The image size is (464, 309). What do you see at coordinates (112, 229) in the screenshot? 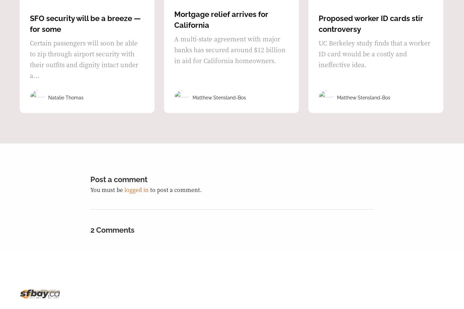
I see `'2 Comments'` at bounding box center [112, 229].